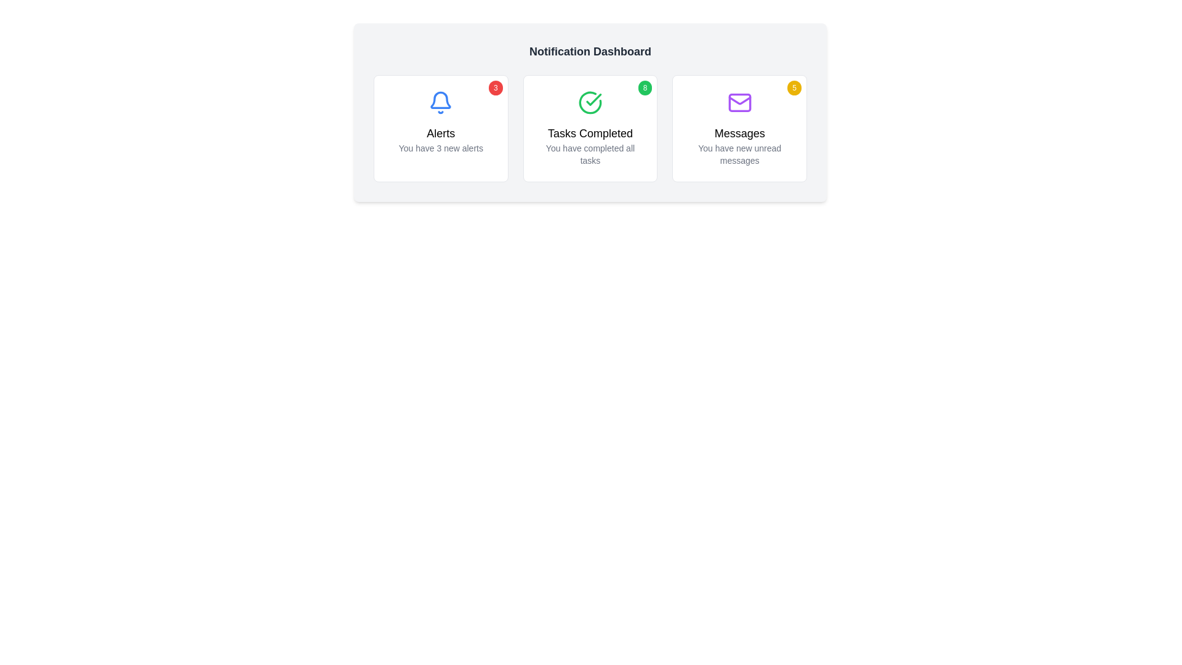 The width and height of the screenshot is (1182, 665). What do you see at coordinates (590, 51) in the screenshot?
I see `the 'Notification Dashboard' text header element by moving the cursor to its center point` at bounding box center [590, 51].